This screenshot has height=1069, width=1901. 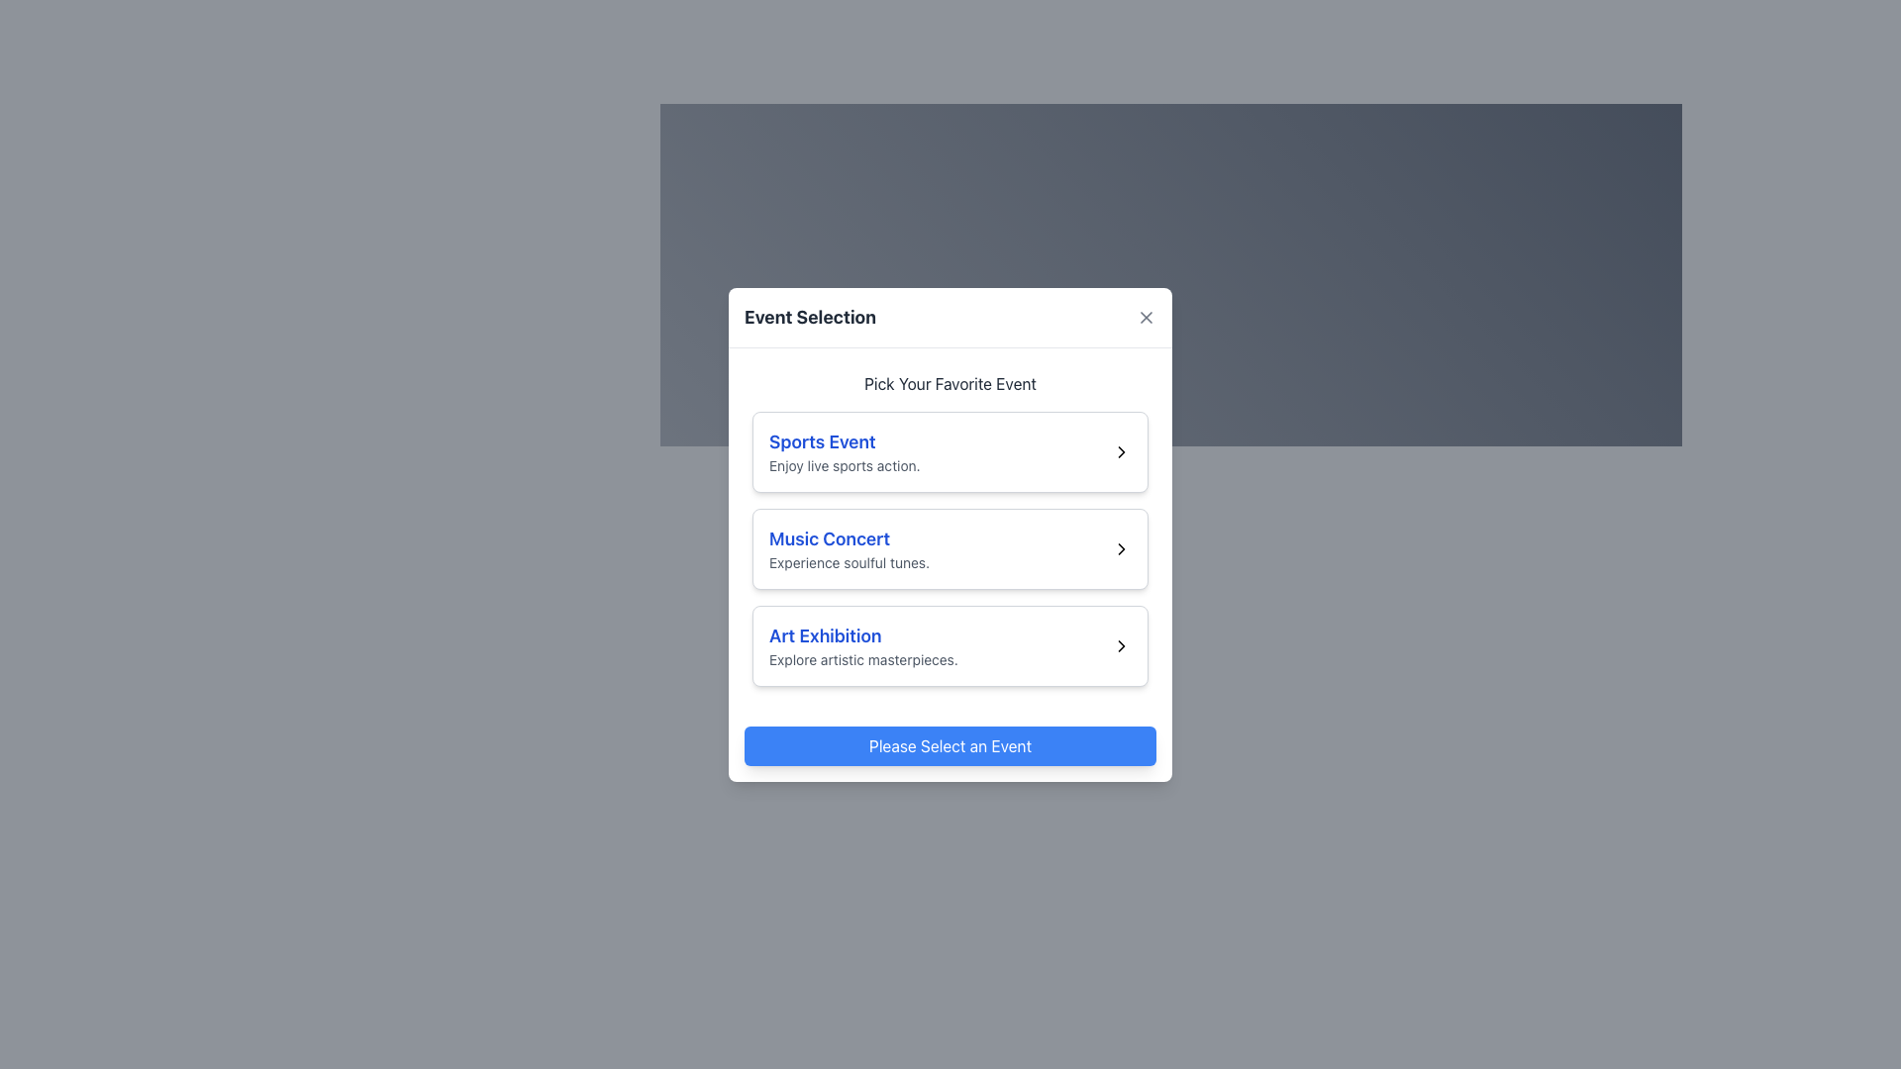 What do you see at coordinates (1121, 548) in the screenshot?
I see `the right-facing chevron icon associated with the 'Music Concert' option in the third list item` at bounding box center [1121, 548].